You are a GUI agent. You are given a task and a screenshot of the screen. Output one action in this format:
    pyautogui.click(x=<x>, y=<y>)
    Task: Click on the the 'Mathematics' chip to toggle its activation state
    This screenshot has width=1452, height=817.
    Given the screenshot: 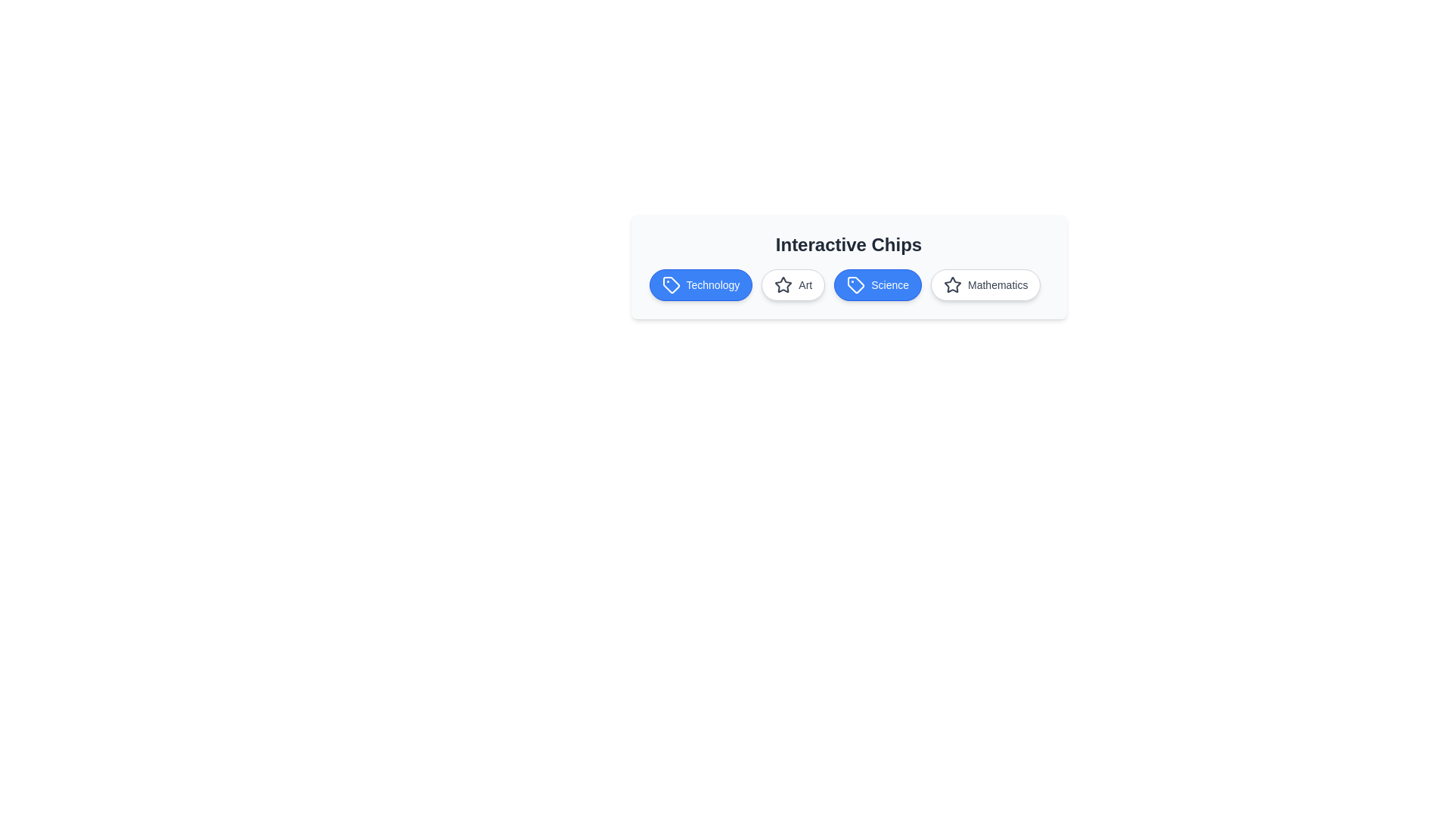 What is the action you would take?
    pyautogui.click(x=985, y=285)
    